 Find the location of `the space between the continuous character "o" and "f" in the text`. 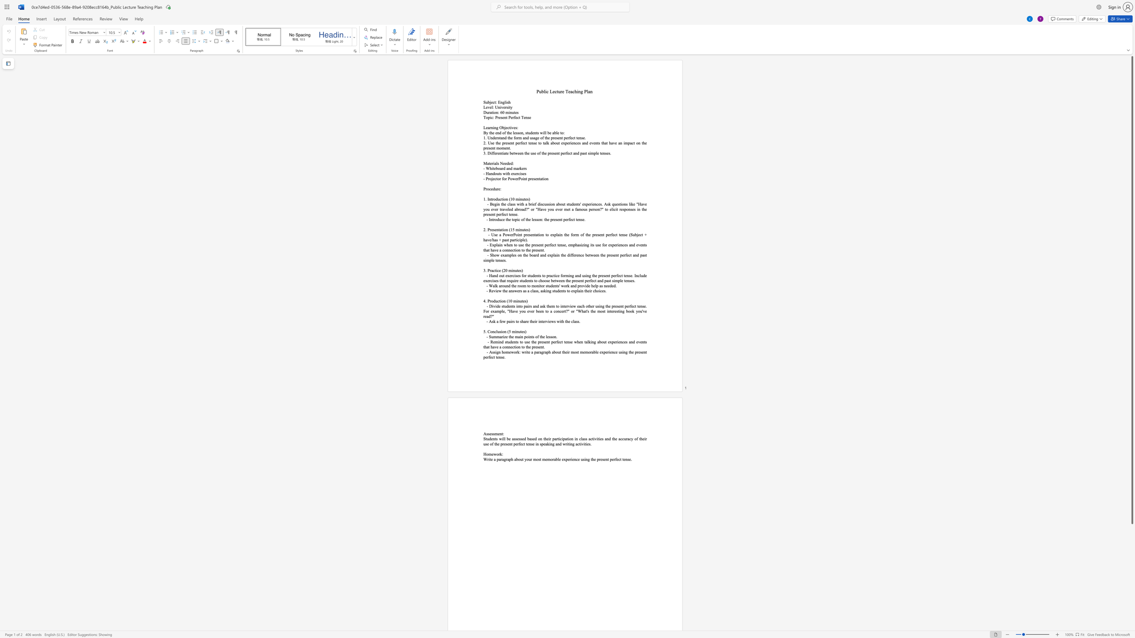

the space between the continuous character "o" and "f" in the text is located at coordinates (537, 336).